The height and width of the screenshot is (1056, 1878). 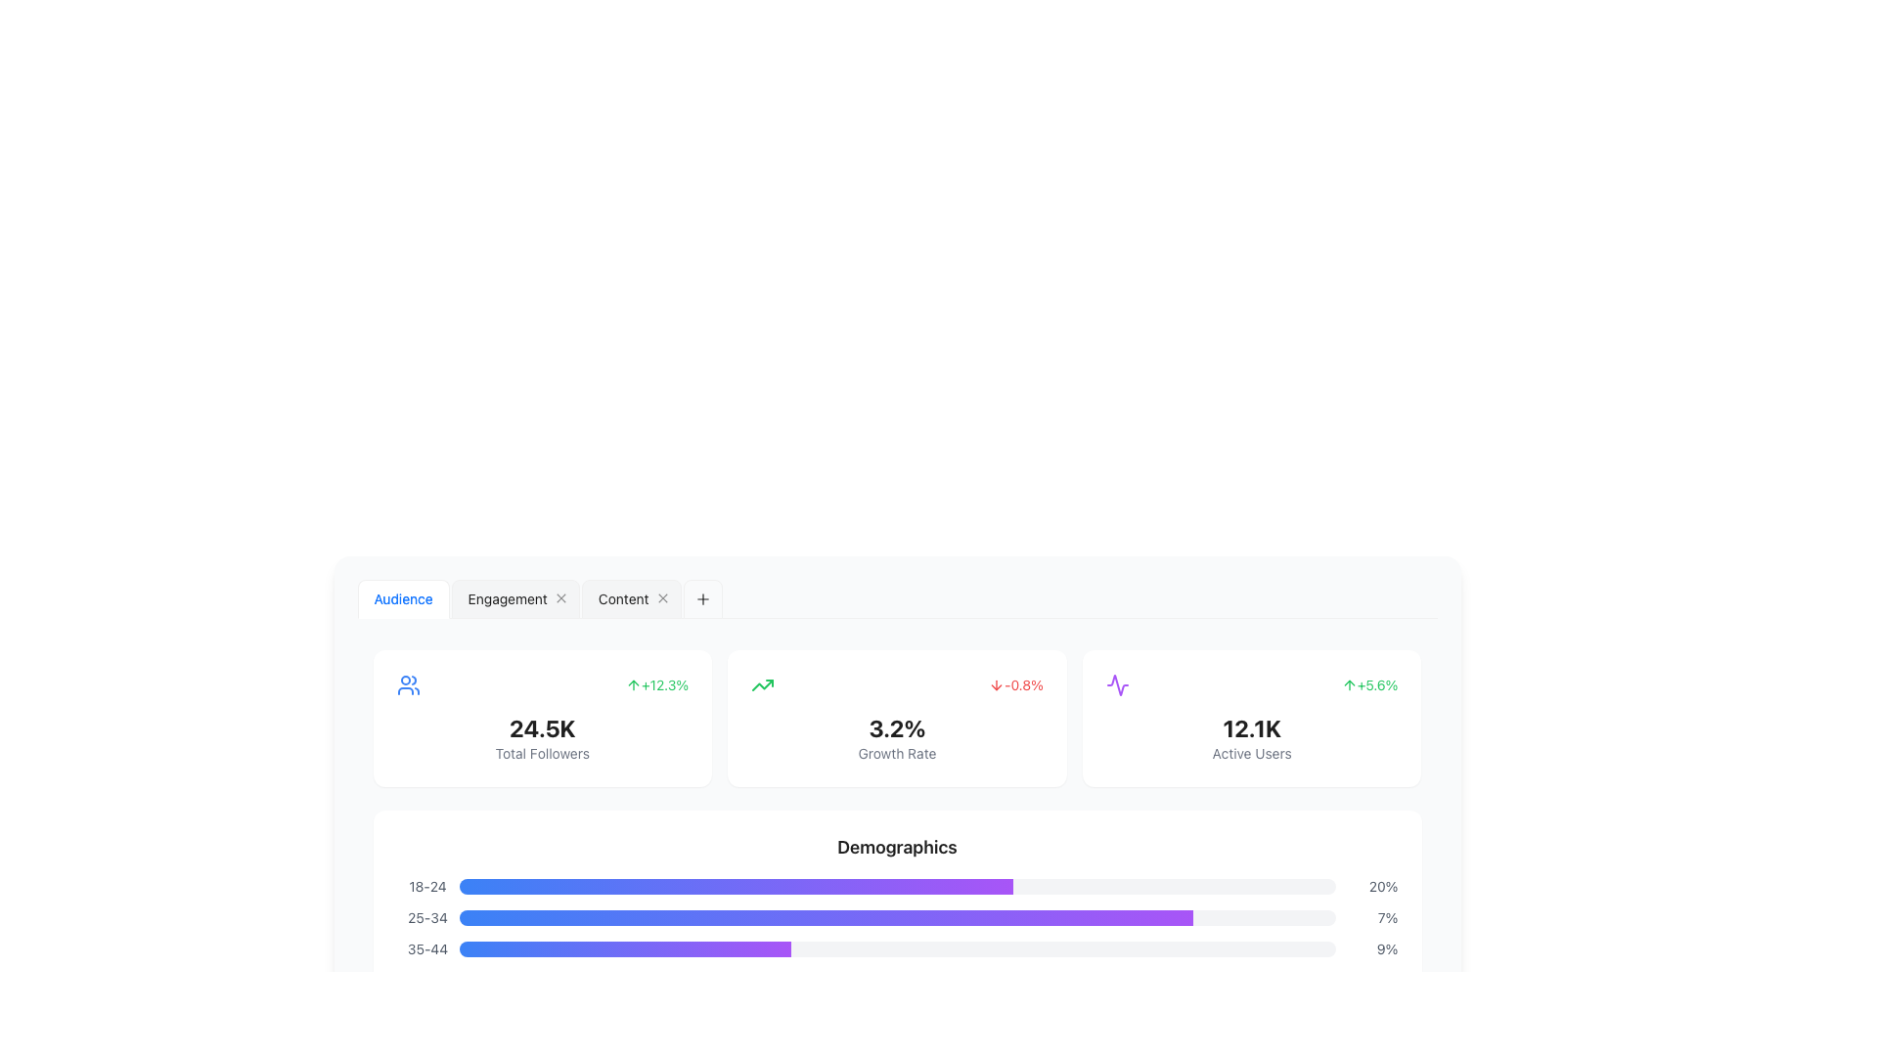 I want to click on the text label located directly below the bold numerical text '3.2%' in the third card of the horizontal arrangement, so click(x=896, y=753).